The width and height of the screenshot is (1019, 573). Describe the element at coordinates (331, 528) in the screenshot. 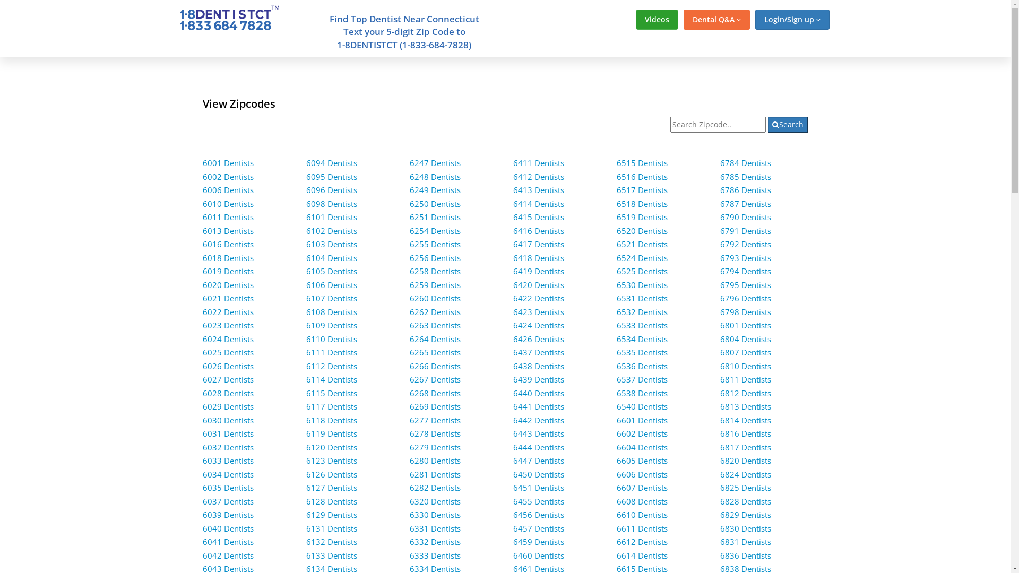

I see `'6131 Dentists'` at that location.